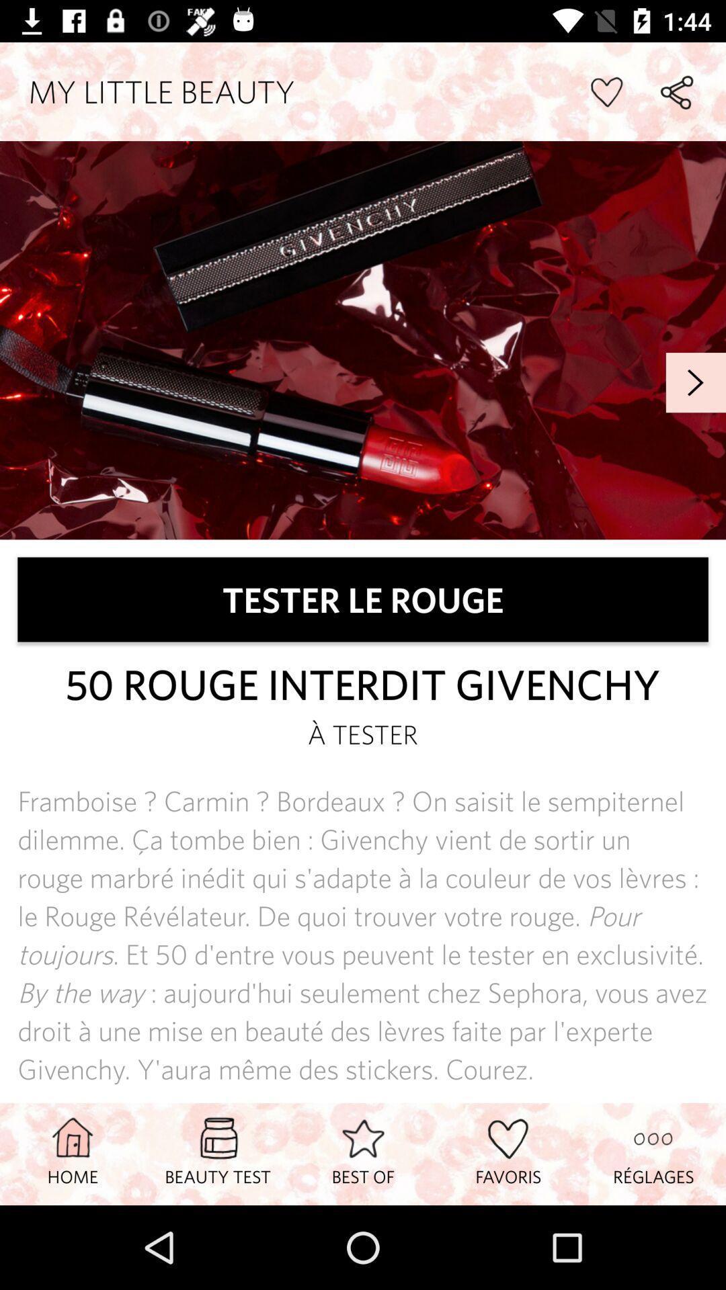 Image resolution: width=726 pixels, height=1290 pixels. What do you see at coordinates (606, 91) in the screenshot?
I see `page` at bounding box center [606, 91].